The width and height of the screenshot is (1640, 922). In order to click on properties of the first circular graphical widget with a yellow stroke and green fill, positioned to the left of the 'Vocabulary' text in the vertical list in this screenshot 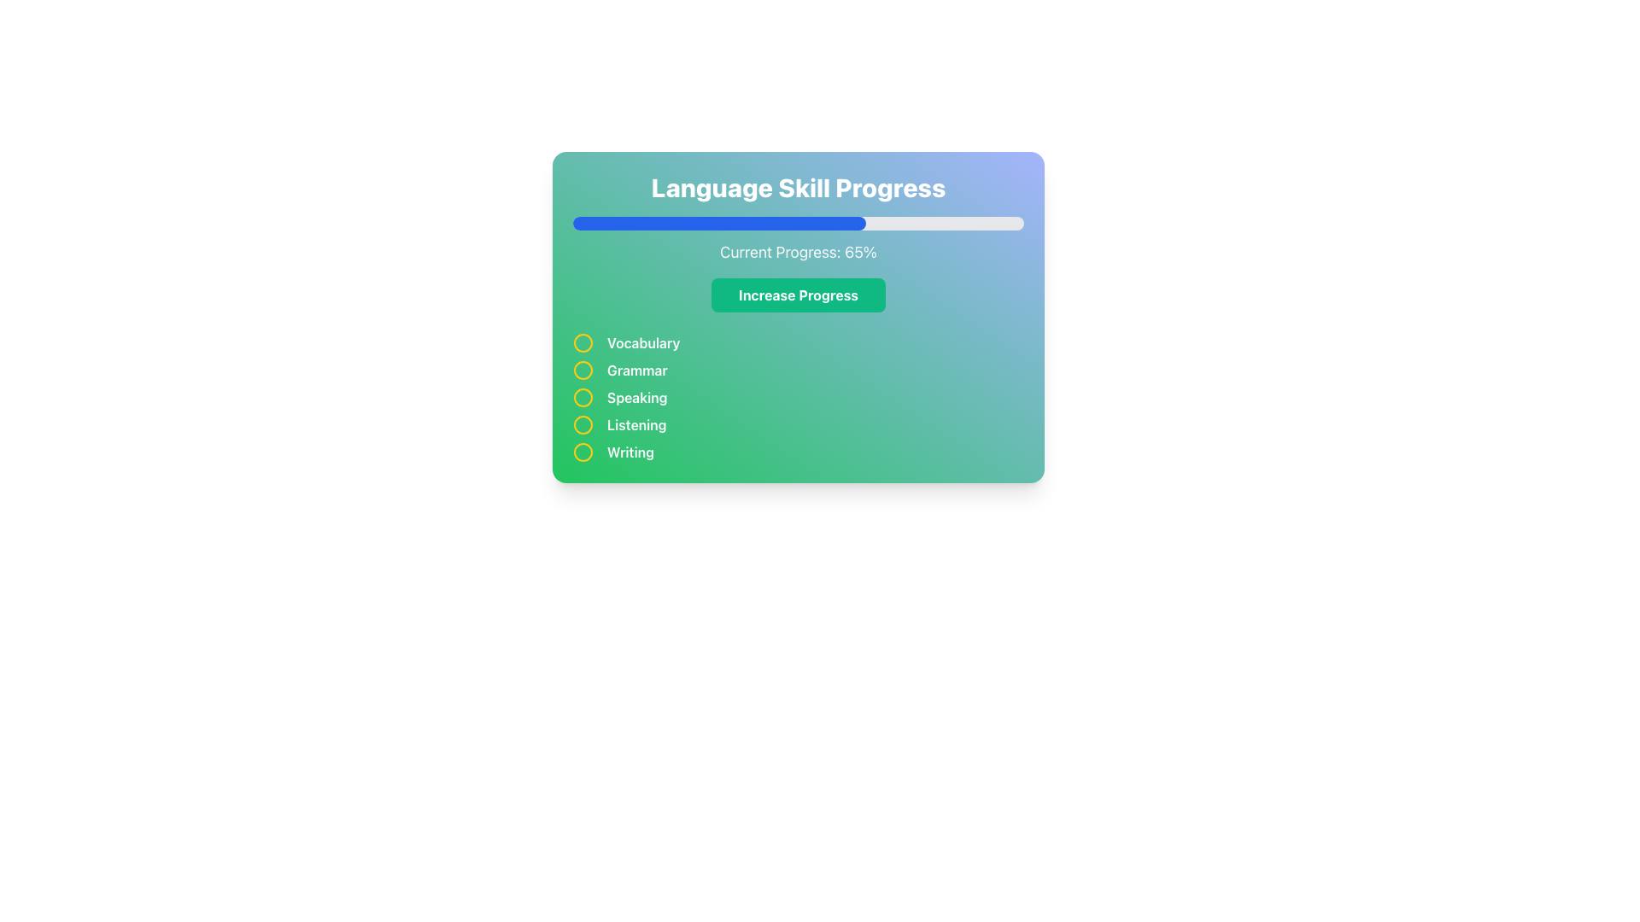, I will do `click(583, 342)`.